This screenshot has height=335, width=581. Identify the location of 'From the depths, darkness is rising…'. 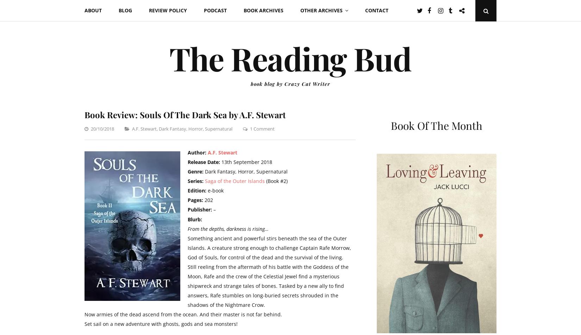
(227, 228).